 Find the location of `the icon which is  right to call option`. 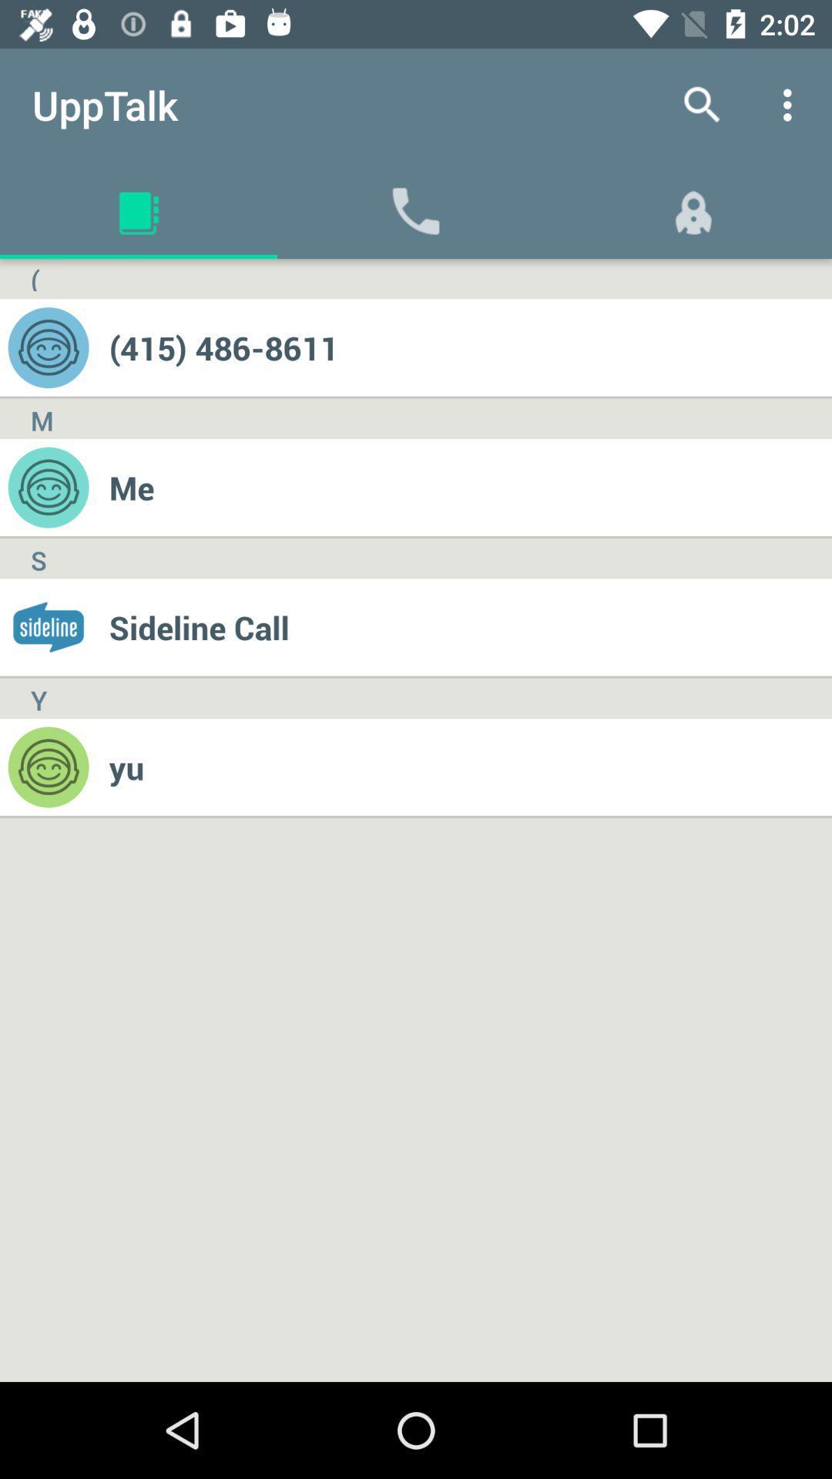

the icon which is  right to call option is located at coordinates (693, 210).